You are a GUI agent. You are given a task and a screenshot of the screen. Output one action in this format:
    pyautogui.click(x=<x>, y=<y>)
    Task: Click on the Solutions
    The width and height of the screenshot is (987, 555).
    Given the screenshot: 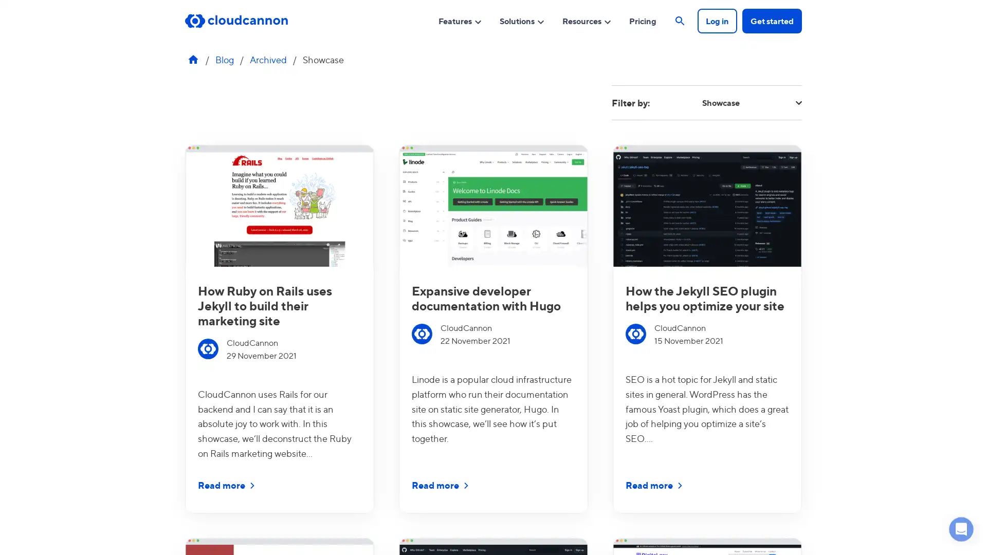 What is the action you would take?
    pyautogui.click(x=522, y=20)
    